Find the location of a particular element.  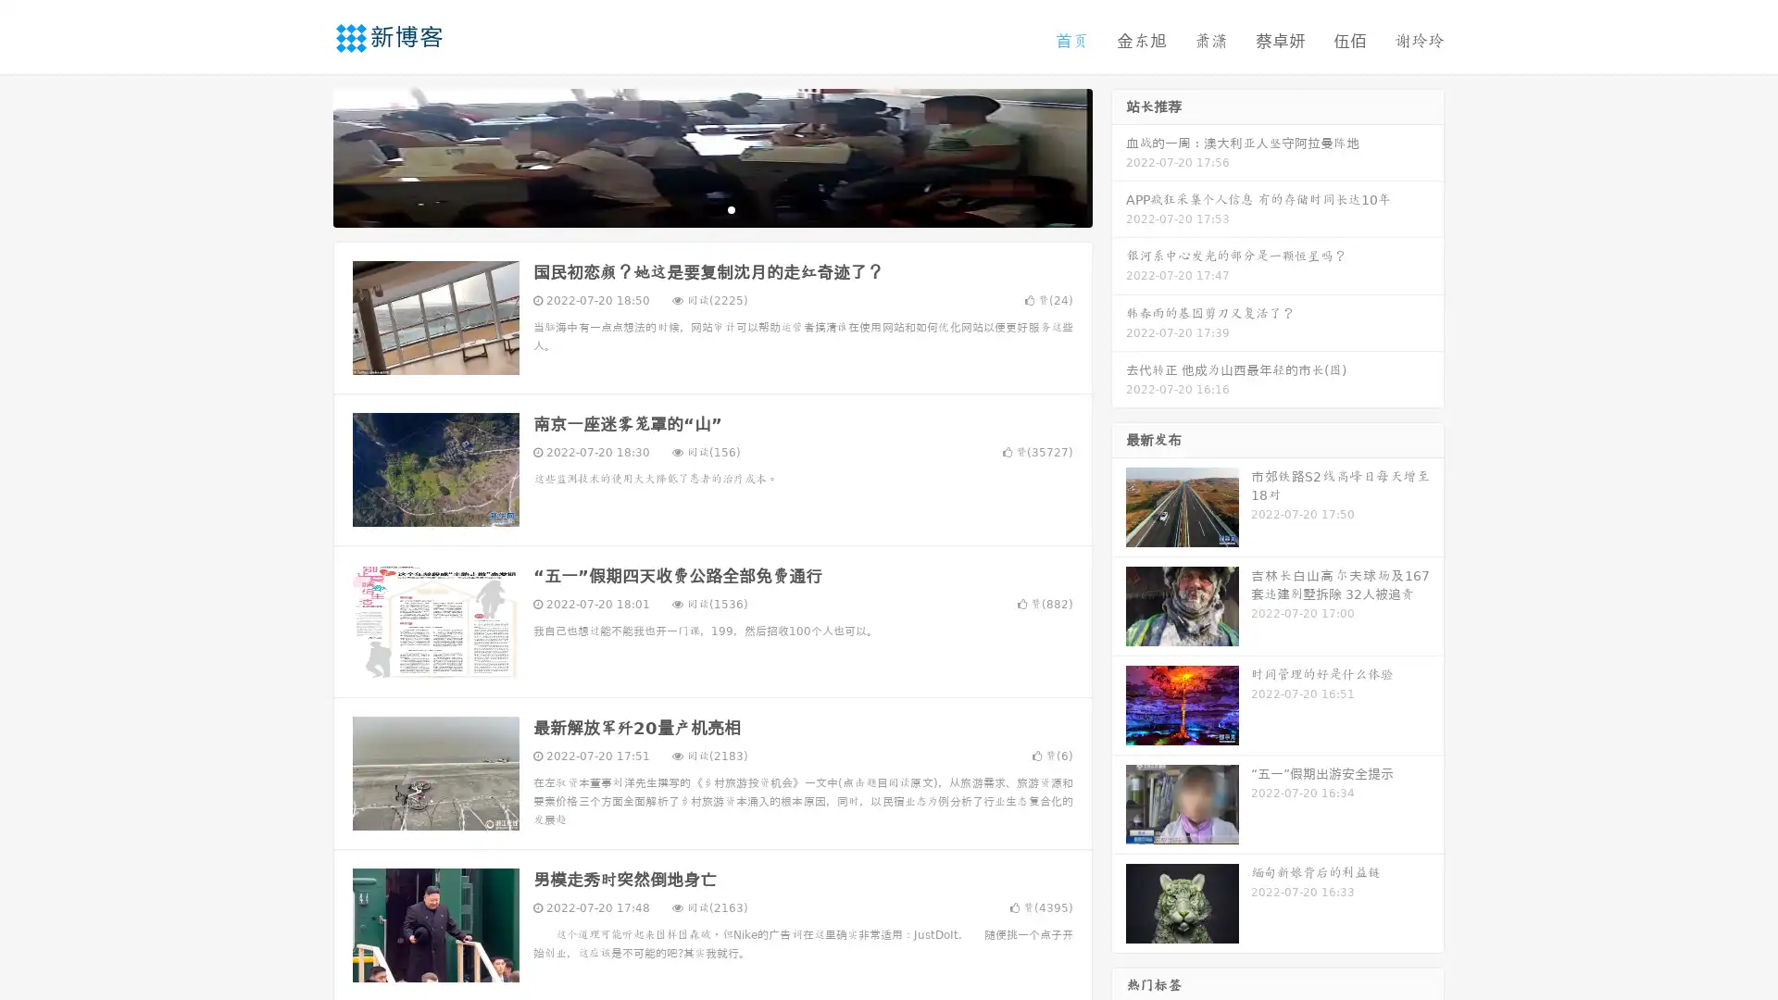

Go to slide 1 is located at coordinates (693, 208).